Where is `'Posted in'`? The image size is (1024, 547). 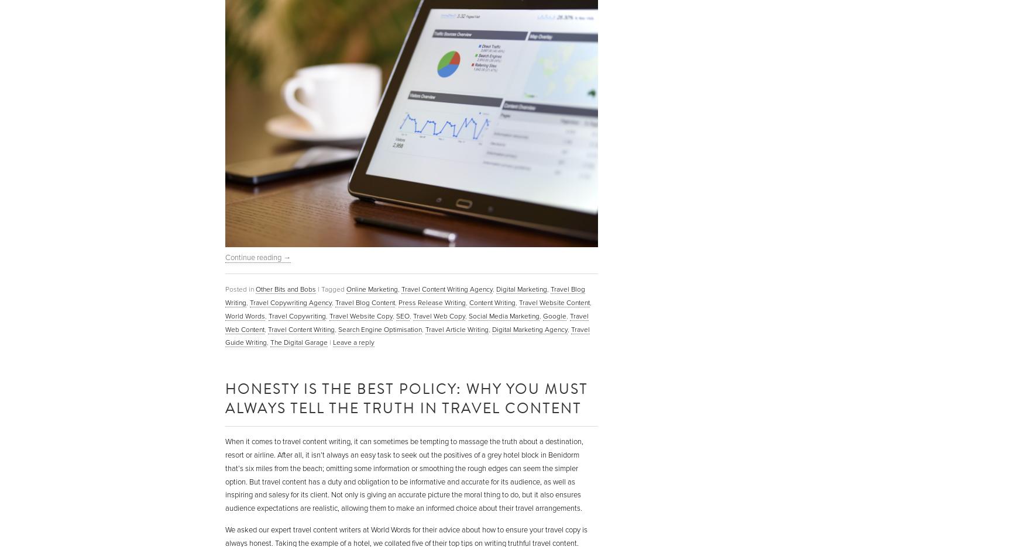
'Posted in' is located at coordinates (239, 288).